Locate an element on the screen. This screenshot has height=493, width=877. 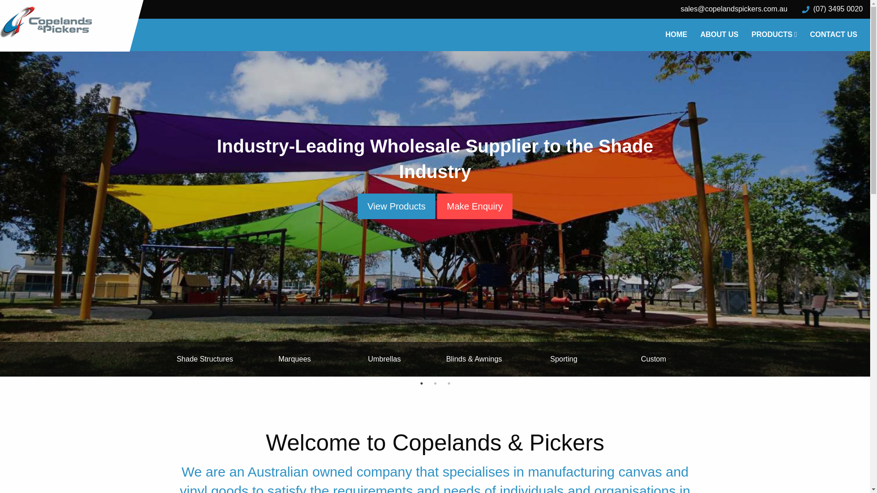
'sales@copelandspickers.com.au' is located at coordinates (734, 9).